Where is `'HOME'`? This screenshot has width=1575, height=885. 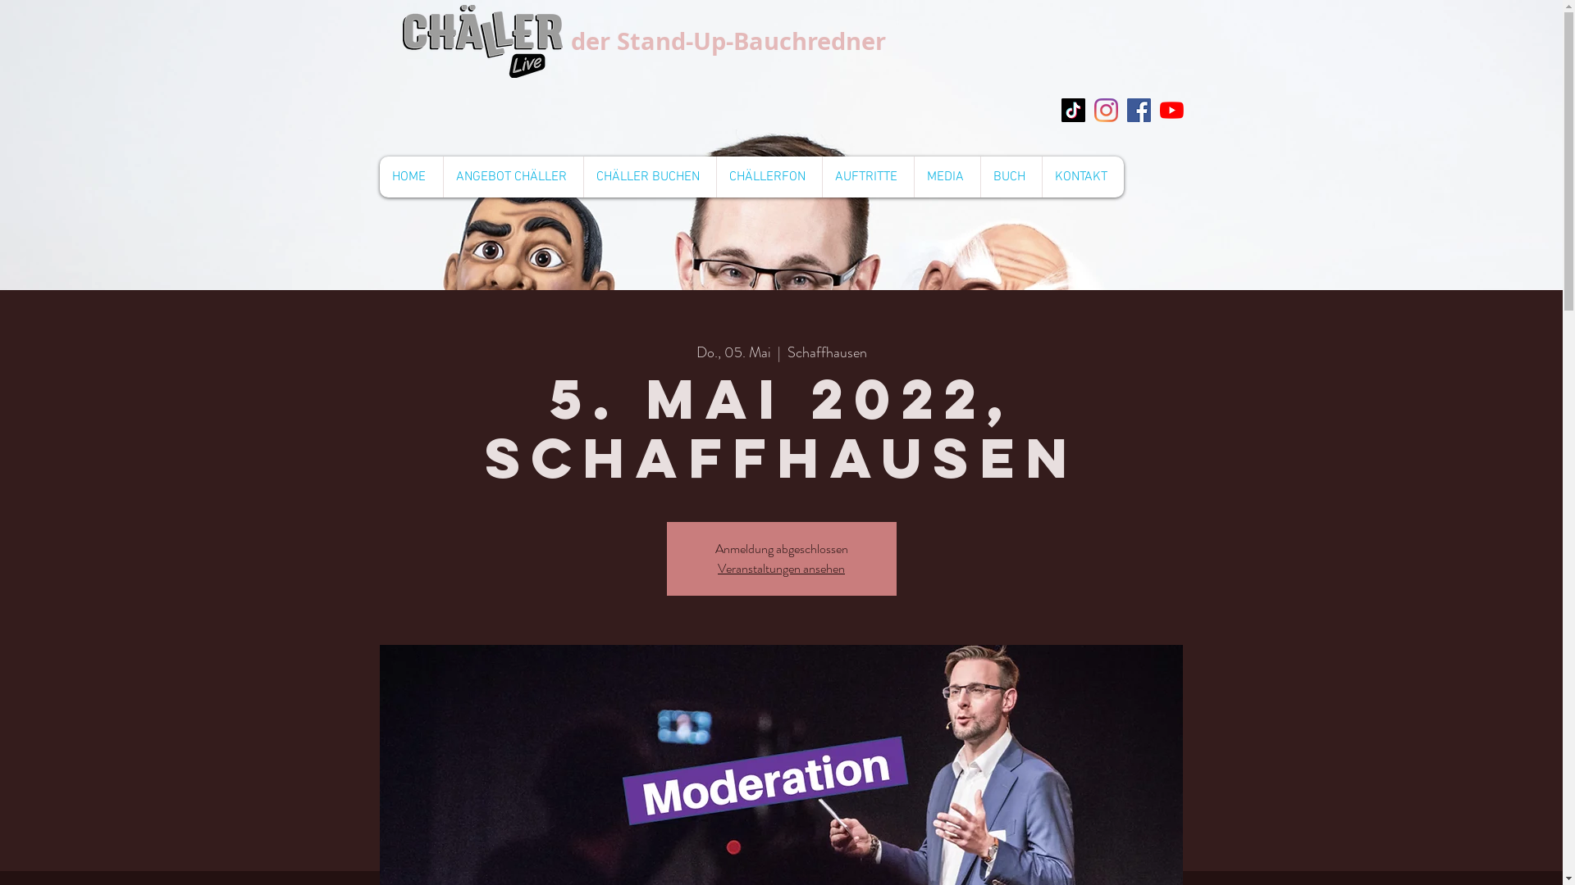
'HOME' is located at coordinates (377, 177).